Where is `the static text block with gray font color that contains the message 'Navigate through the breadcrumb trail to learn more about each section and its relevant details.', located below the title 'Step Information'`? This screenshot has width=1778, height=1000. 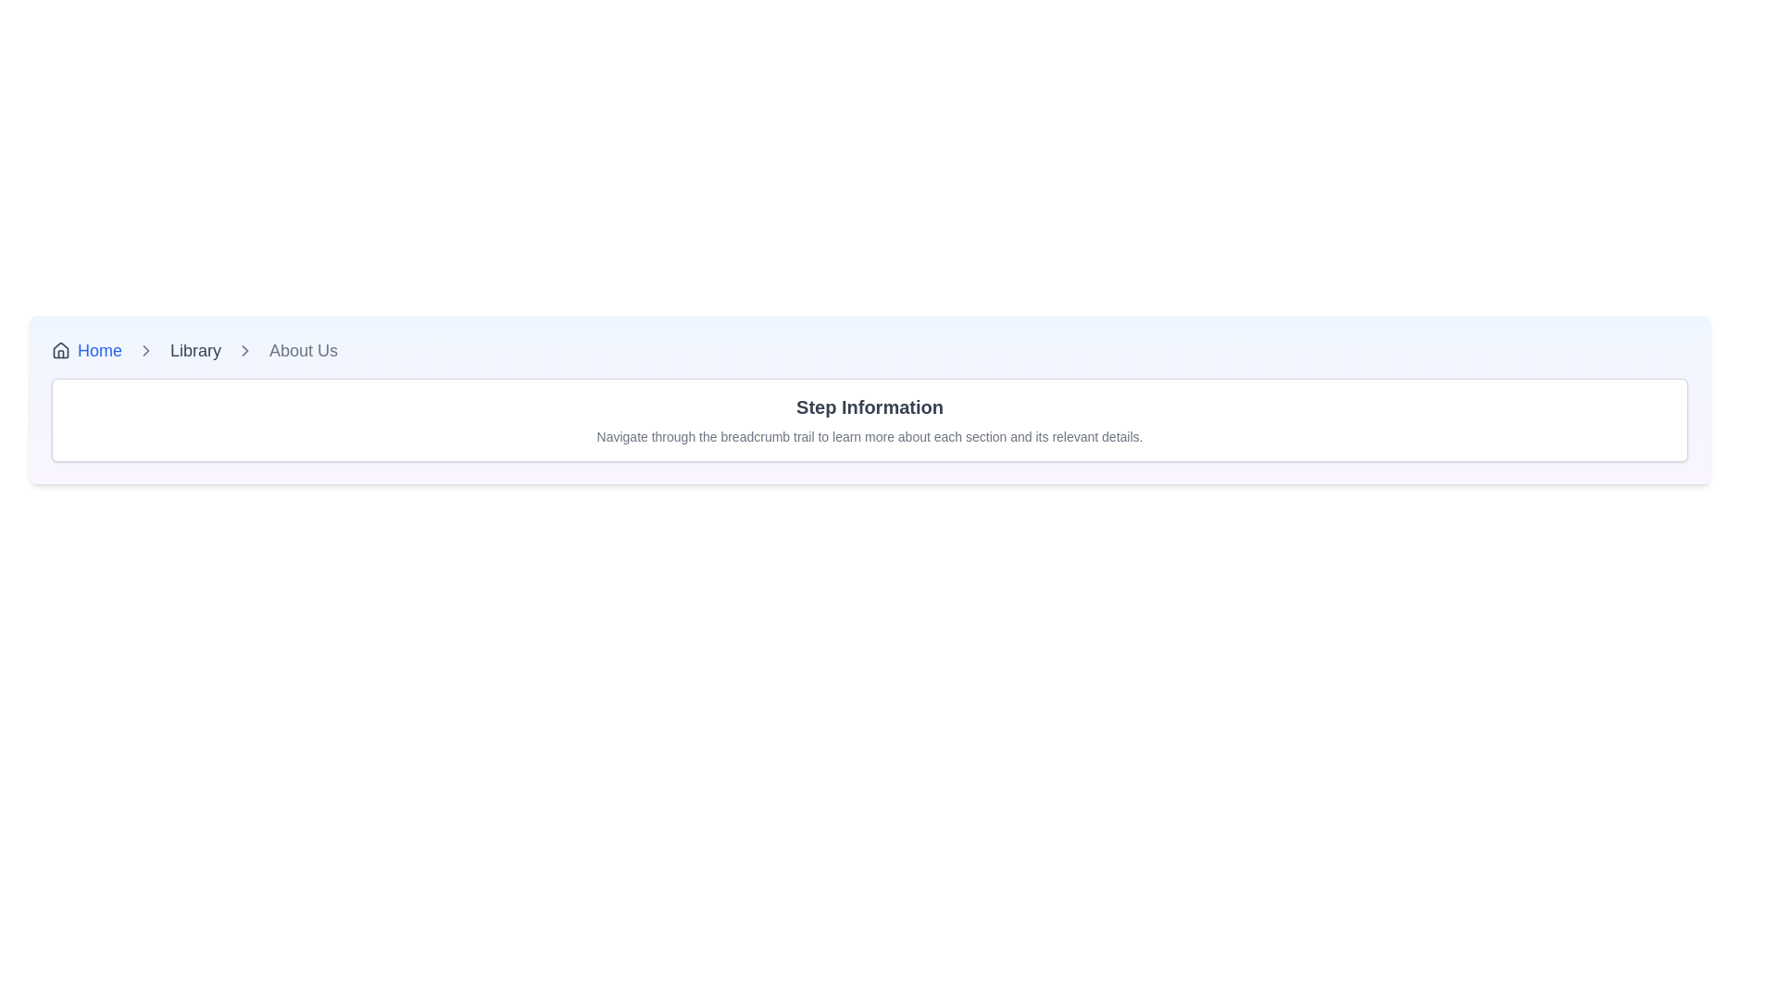
the static text block with gray font color that contains the message 'Navigate through the breadcrumb trail to learn more about each section and its relevant details.', located below the title 'Step Information' is located at coordinates (869, 436).